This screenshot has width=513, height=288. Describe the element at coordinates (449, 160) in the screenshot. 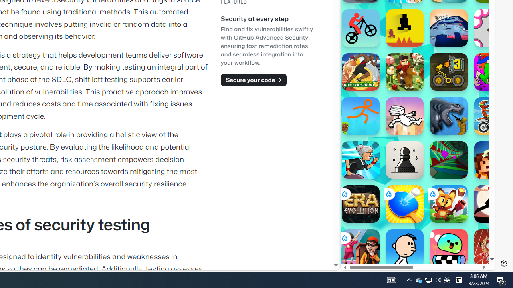

I see `'Tunnel Rush Tunnel Rush'` at that location.